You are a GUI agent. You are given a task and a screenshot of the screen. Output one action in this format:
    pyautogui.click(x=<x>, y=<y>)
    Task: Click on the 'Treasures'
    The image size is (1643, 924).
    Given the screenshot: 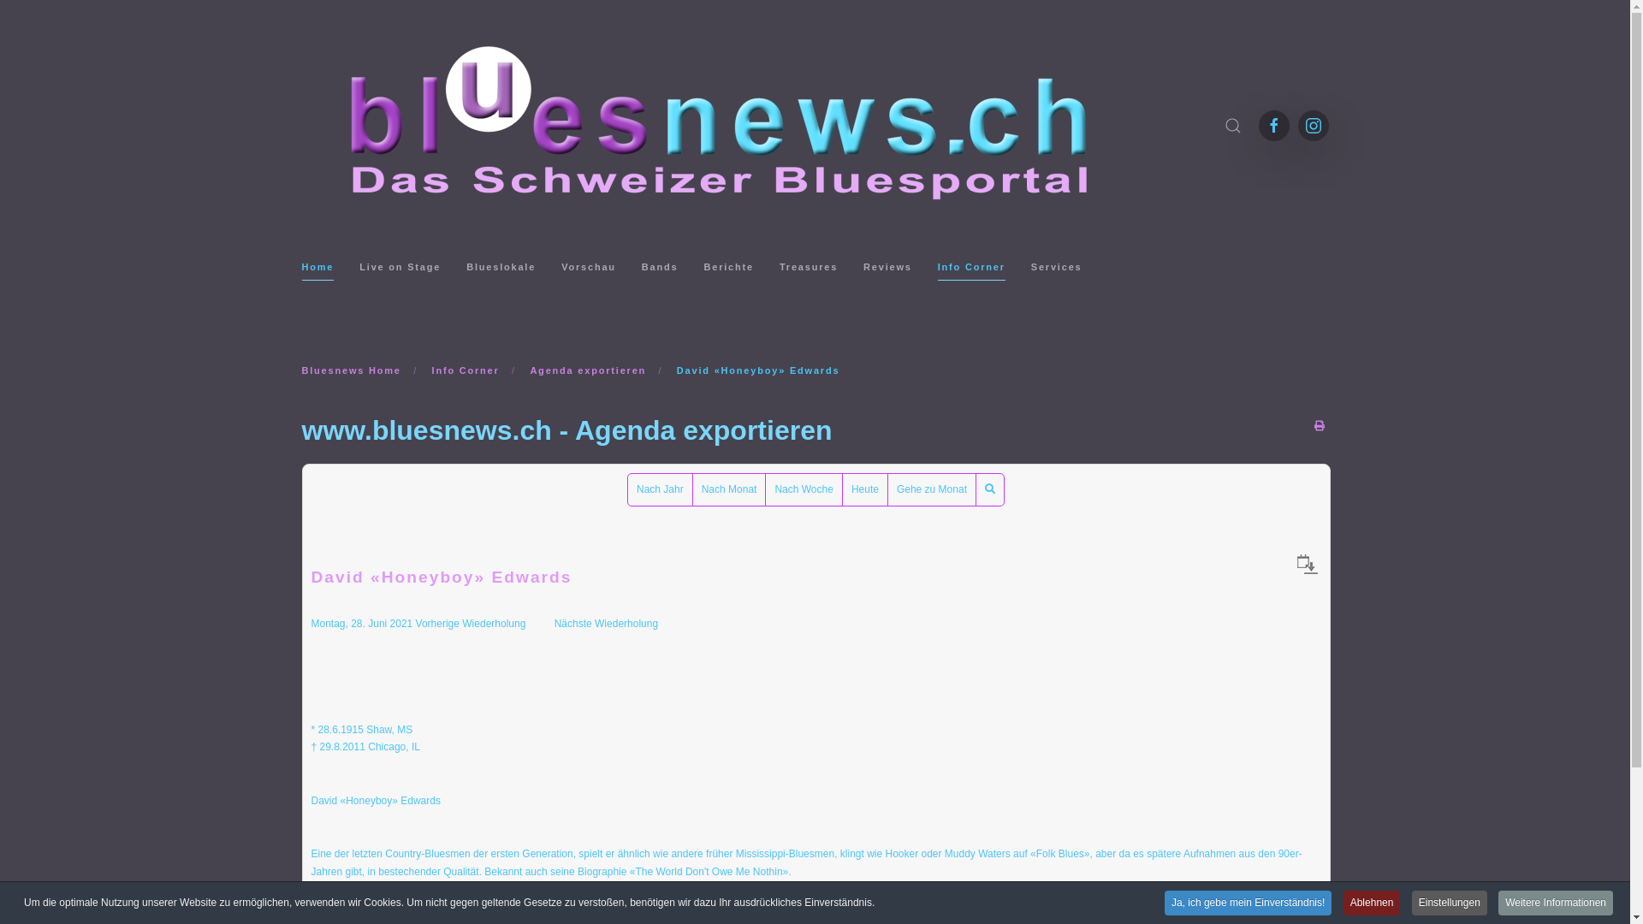 What is the action you would take?
    pyautogui.click(x=779, y=267)
    